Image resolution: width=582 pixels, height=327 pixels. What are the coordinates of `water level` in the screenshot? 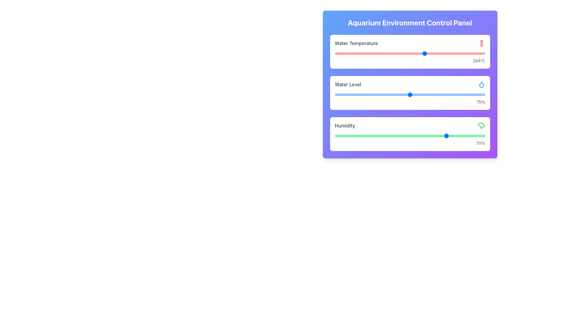 It's located at (356, 94).